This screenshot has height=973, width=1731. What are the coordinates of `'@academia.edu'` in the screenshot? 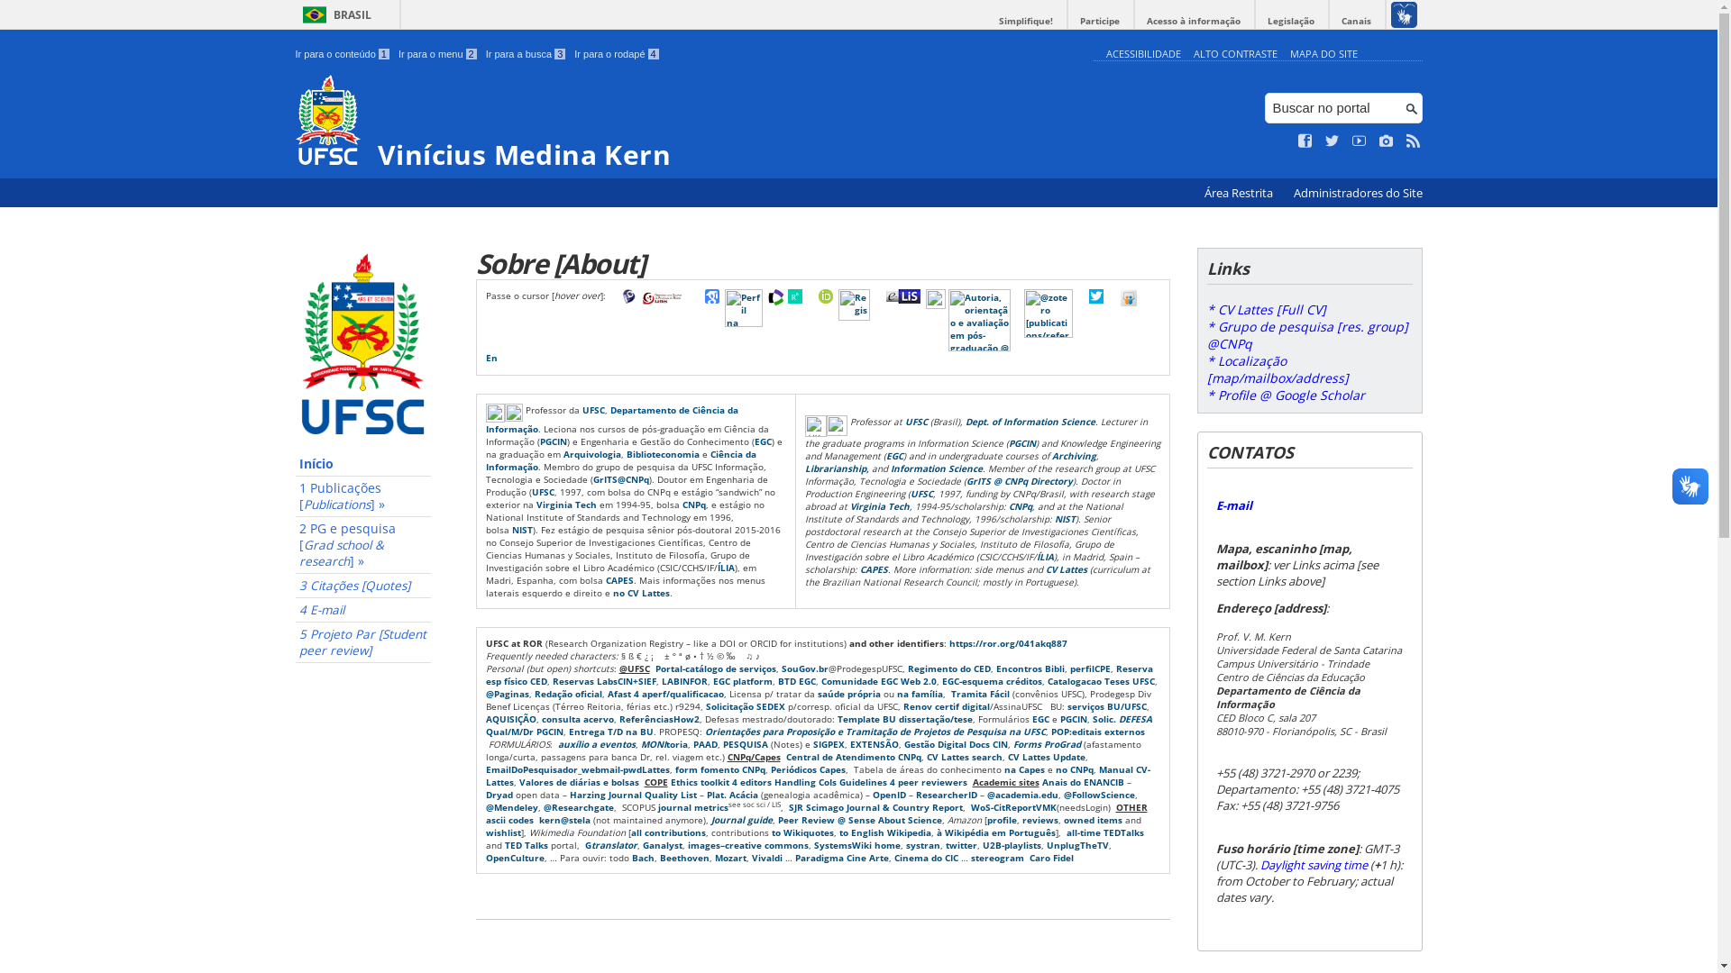 It's located at (985, 794).